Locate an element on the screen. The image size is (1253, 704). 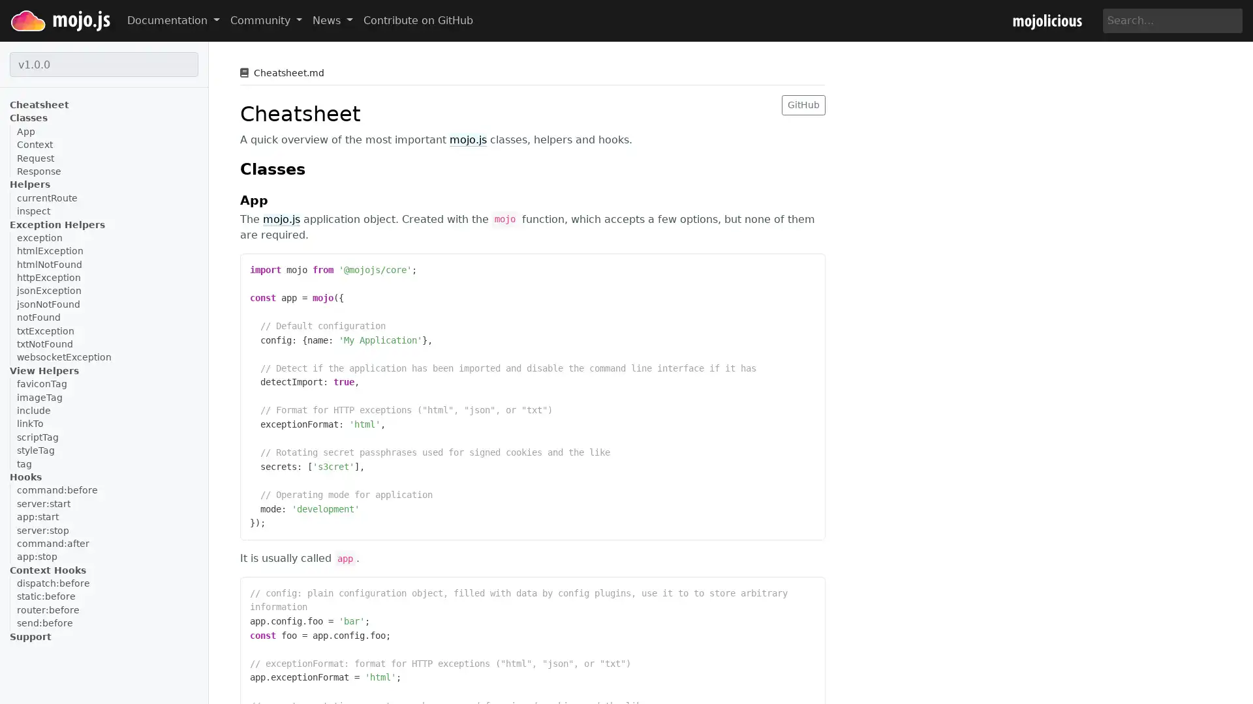
GitHub is located at coordinates (803, 104).